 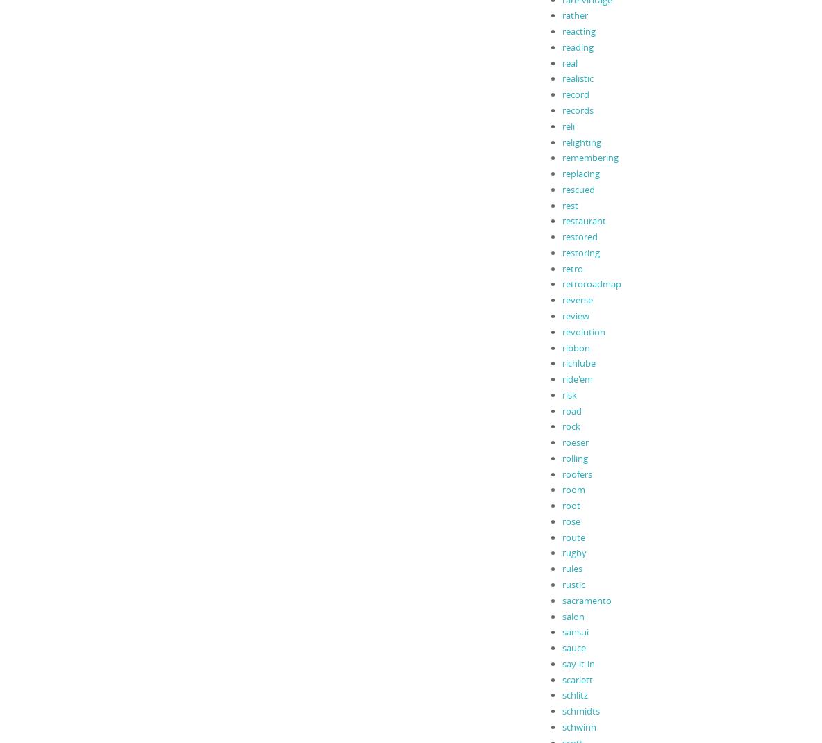 I want to click on 'restoring', so click(x=580, y=251).